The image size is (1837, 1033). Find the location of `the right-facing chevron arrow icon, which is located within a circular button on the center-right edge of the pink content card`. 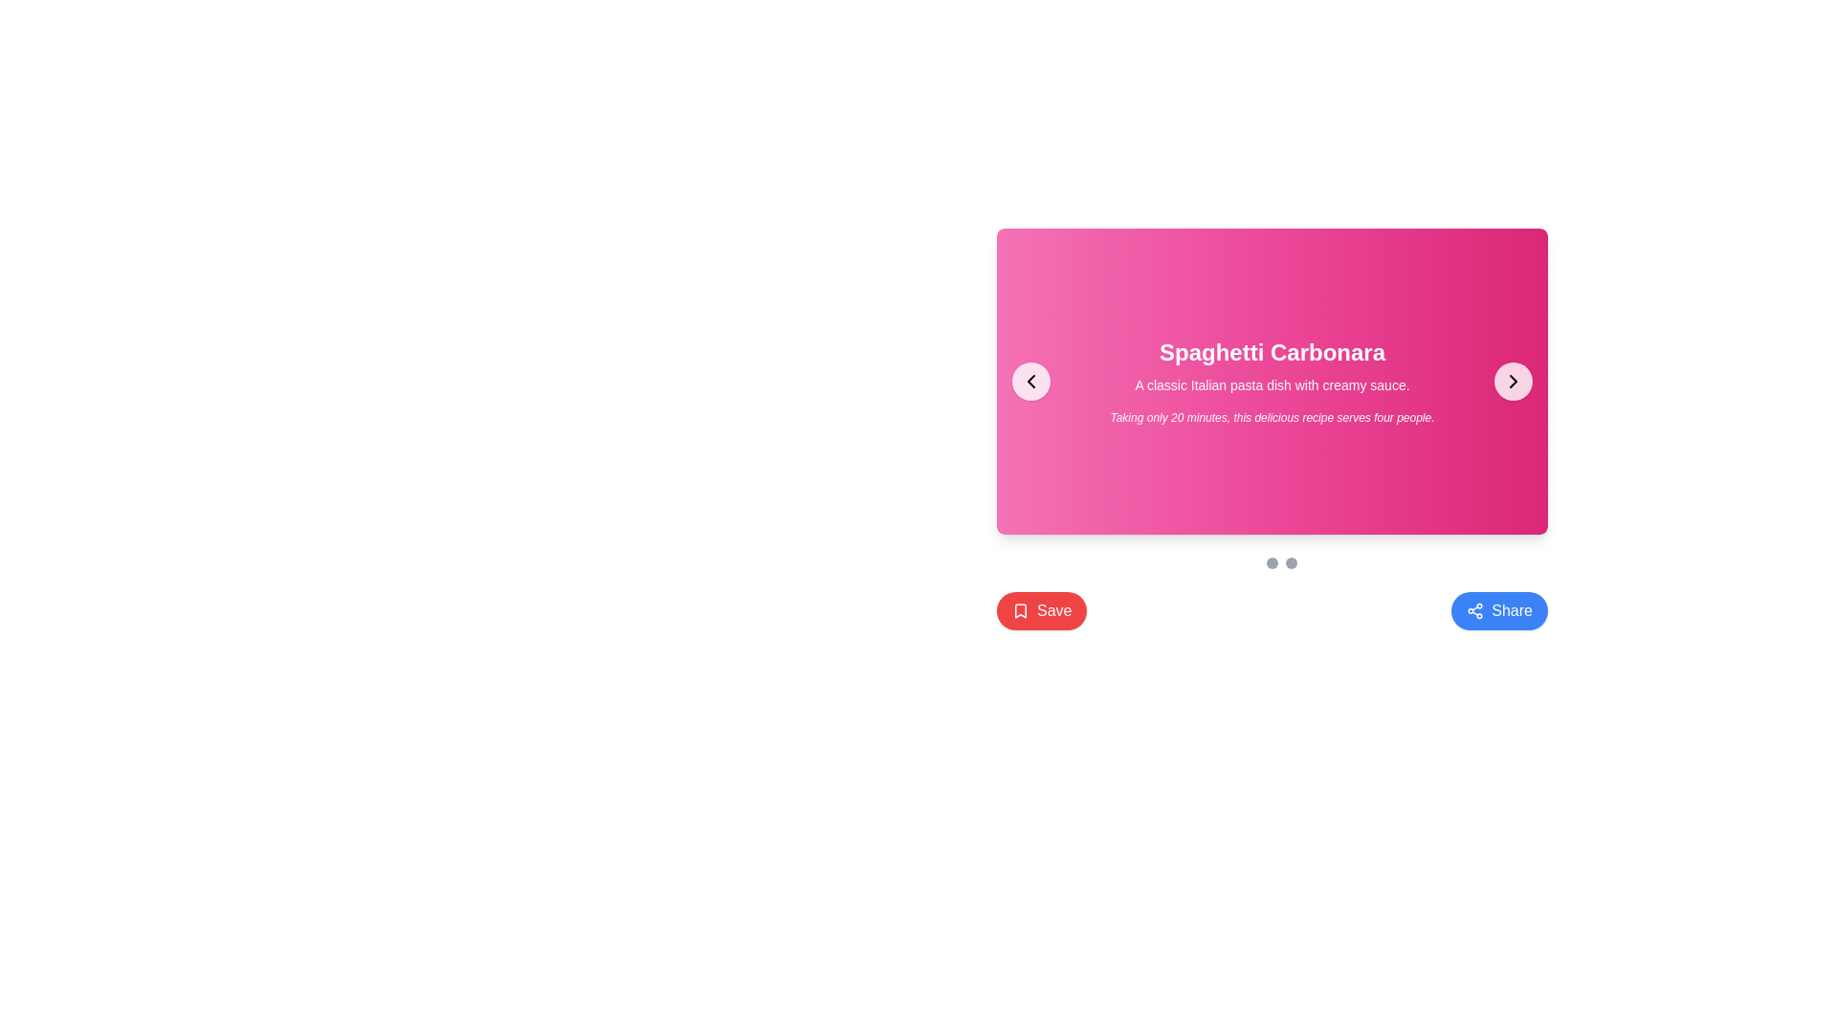

the right-facing chevron arrow icon, which is located within a circular button on the center-right edge of the pink content card is located at coordinates (1513, 381).